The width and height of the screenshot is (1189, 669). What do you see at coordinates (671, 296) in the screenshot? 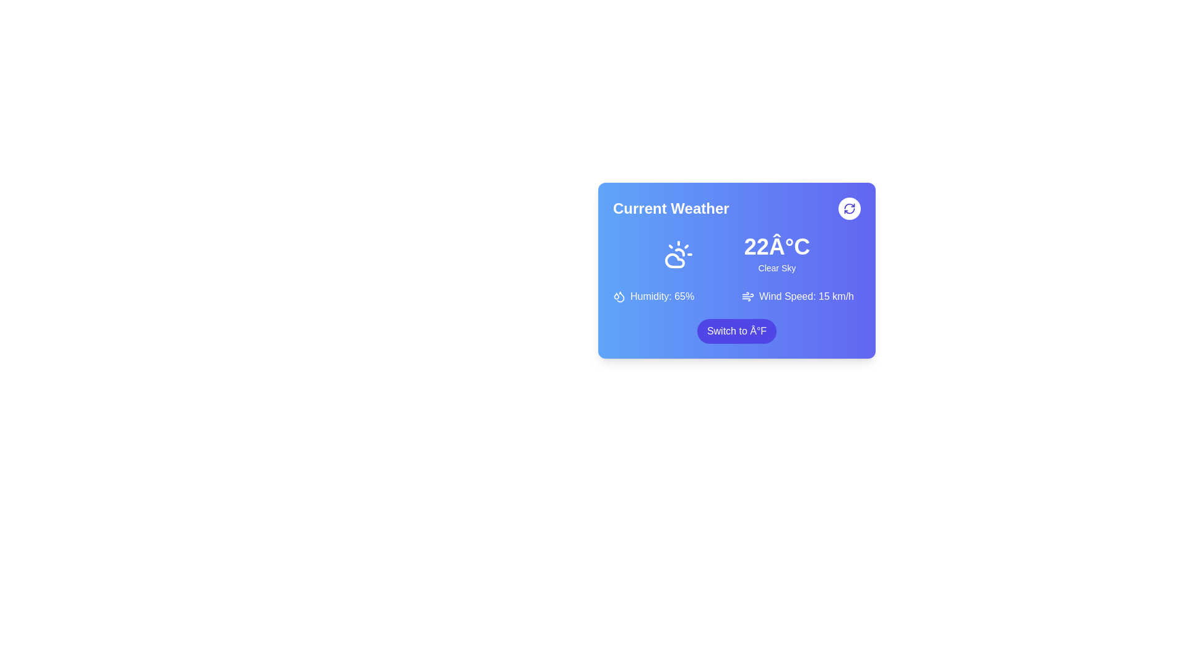
I see `the Text with Icon that displays the current humidity level in the weather widget, located in the left section of a two-column layout` at bounding box center [671, 296].